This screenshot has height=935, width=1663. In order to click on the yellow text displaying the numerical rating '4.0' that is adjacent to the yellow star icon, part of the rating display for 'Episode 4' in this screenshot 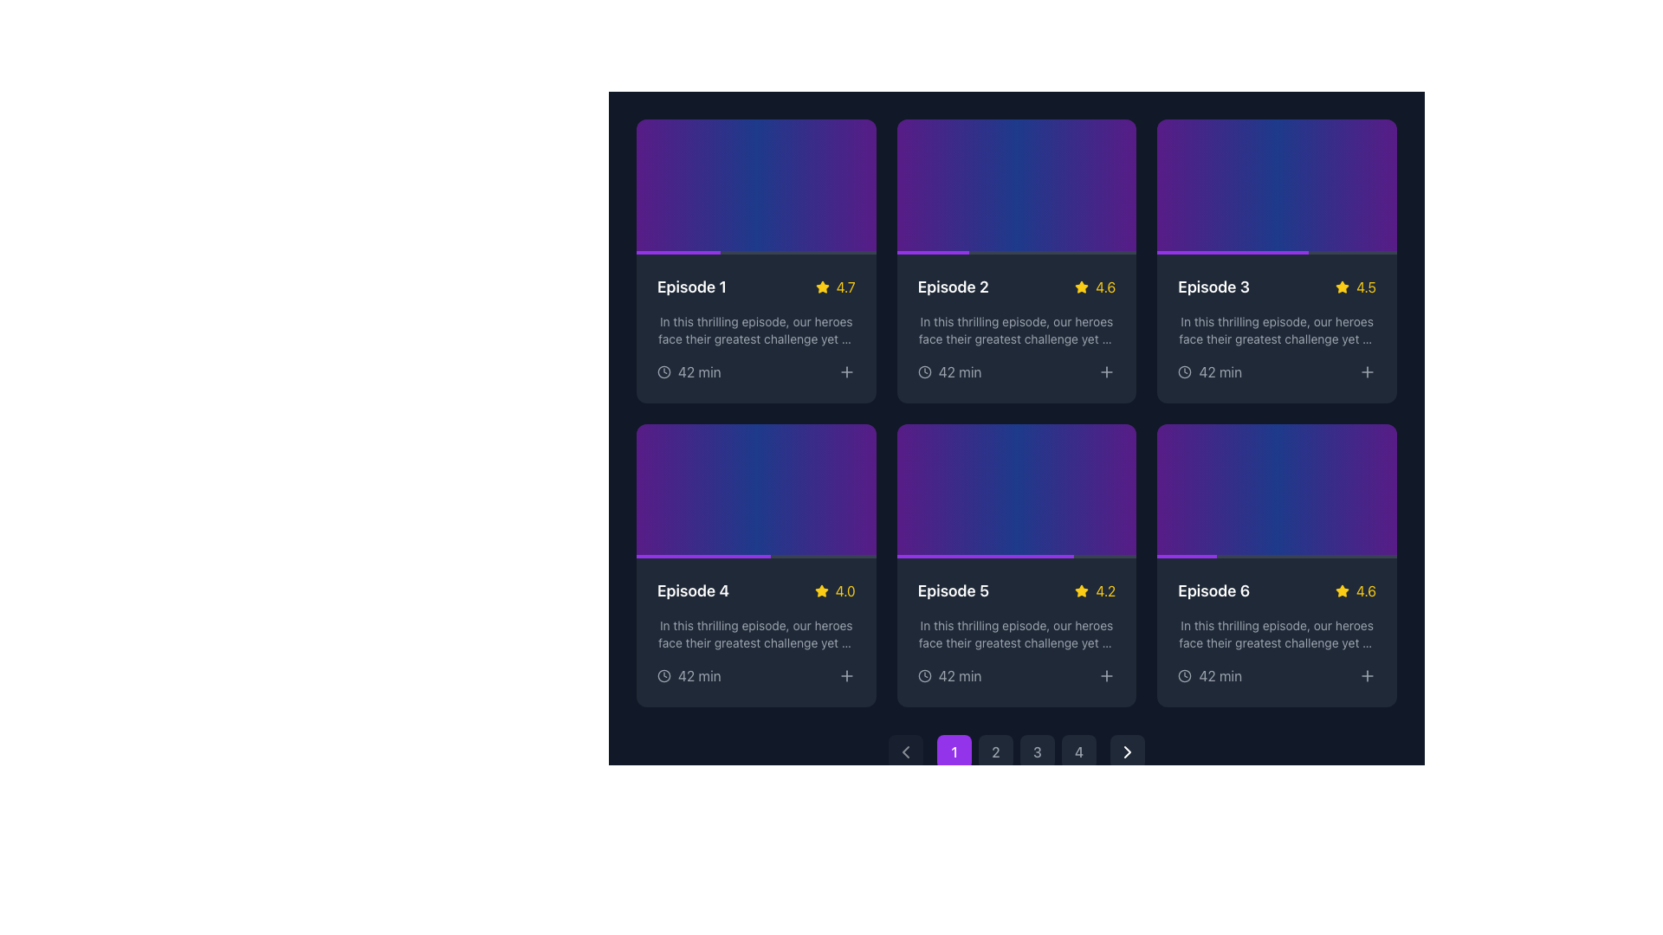, I will do `click(845, 590)`.